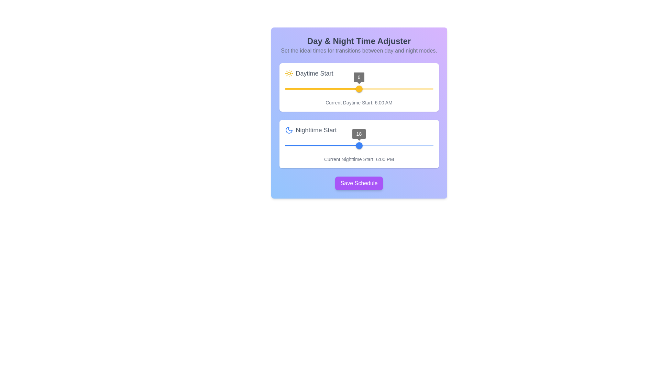 The height and width of the screenshot is (371, 660). Describe the element at coordinates (289, 130) in the screenshot. I see `the nighttime settings icon, which is an SVG graphic located to the left of the 'Nighttime Start' label` at that location.